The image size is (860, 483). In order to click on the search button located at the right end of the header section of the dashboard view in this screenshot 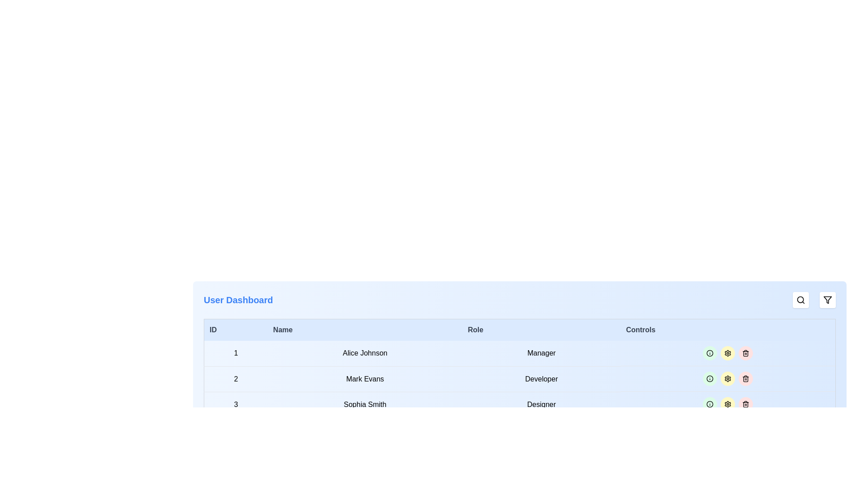, I will do `click(801, 300)`.